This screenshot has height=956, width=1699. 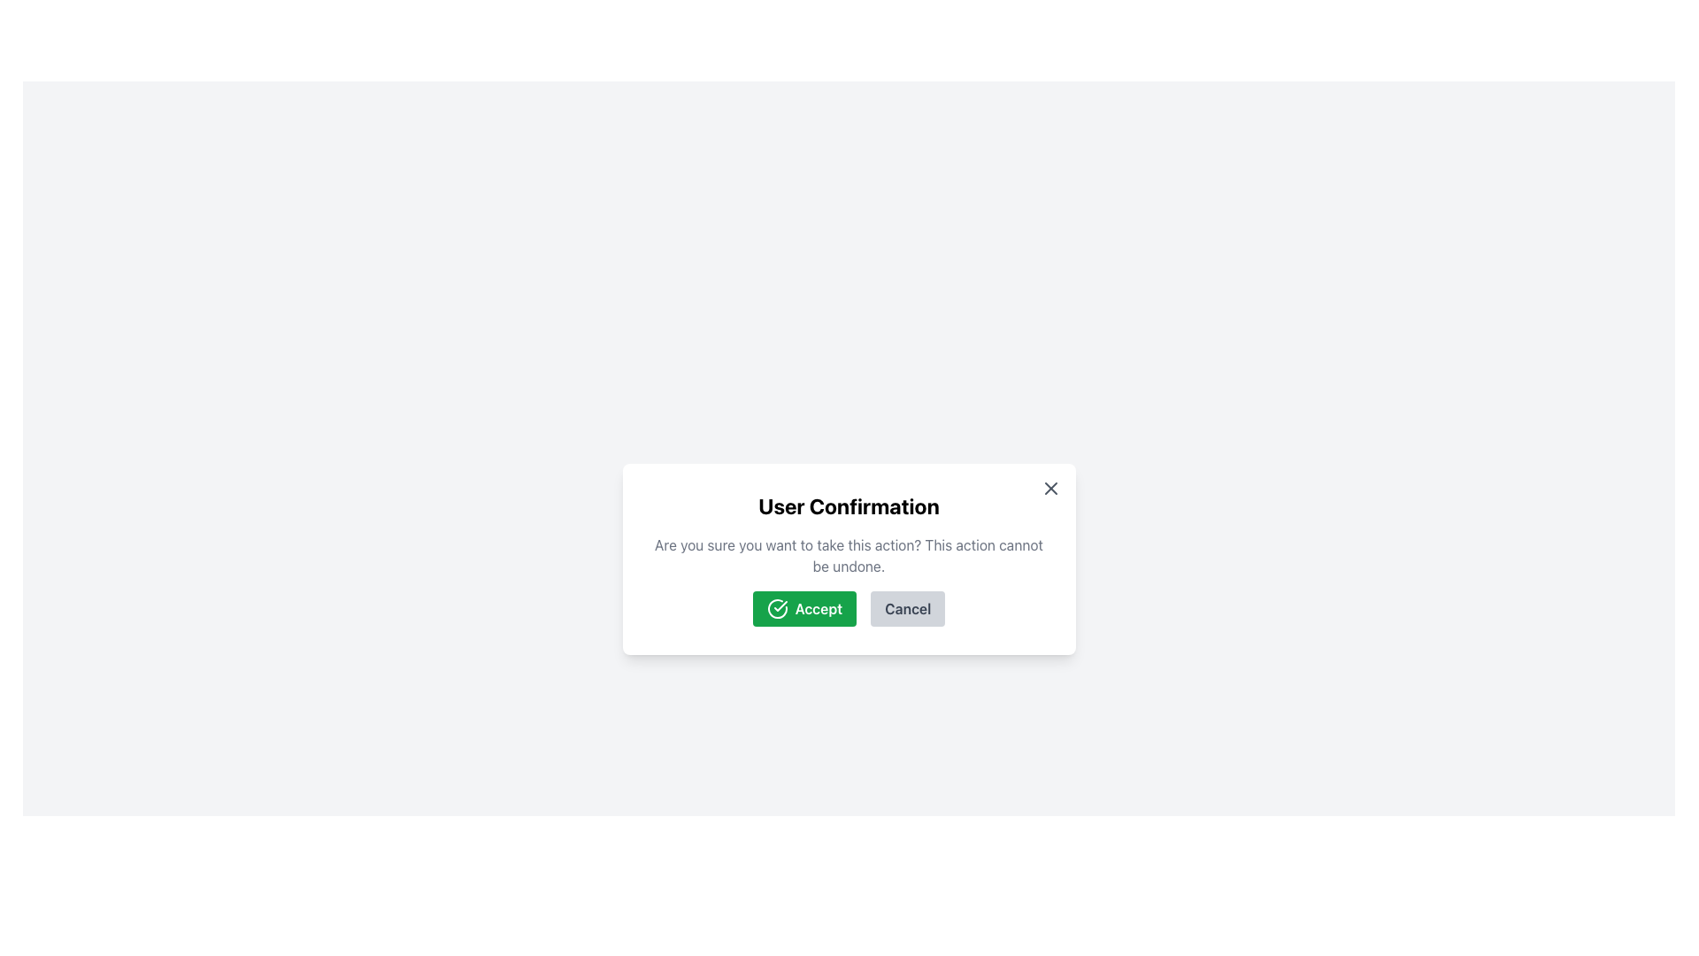 What do you see at coordinates (1050, 488) in the screenshot?
I see `the 'X' icon used for closing dialogs, located at the top-right corner of the dialog box` at bounding box center [1050, 488].